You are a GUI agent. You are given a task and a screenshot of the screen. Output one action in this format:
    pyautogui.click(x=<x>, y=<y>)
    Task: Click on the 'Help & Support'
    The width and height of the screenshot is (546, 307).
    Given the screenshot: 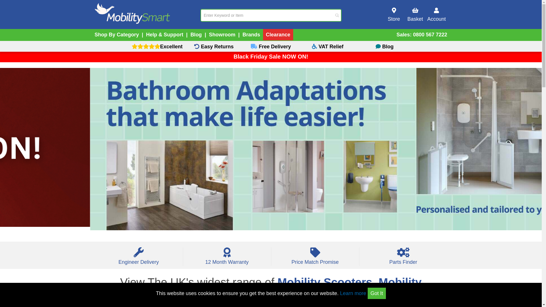 What is the action you would take?
    pyautogui.click(x=164, y=35)
    